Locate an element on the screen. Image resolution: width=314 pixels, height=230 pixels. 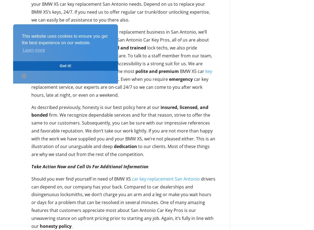
'key replacement assistance in San Antonio' is located at coordinates (122, 75).